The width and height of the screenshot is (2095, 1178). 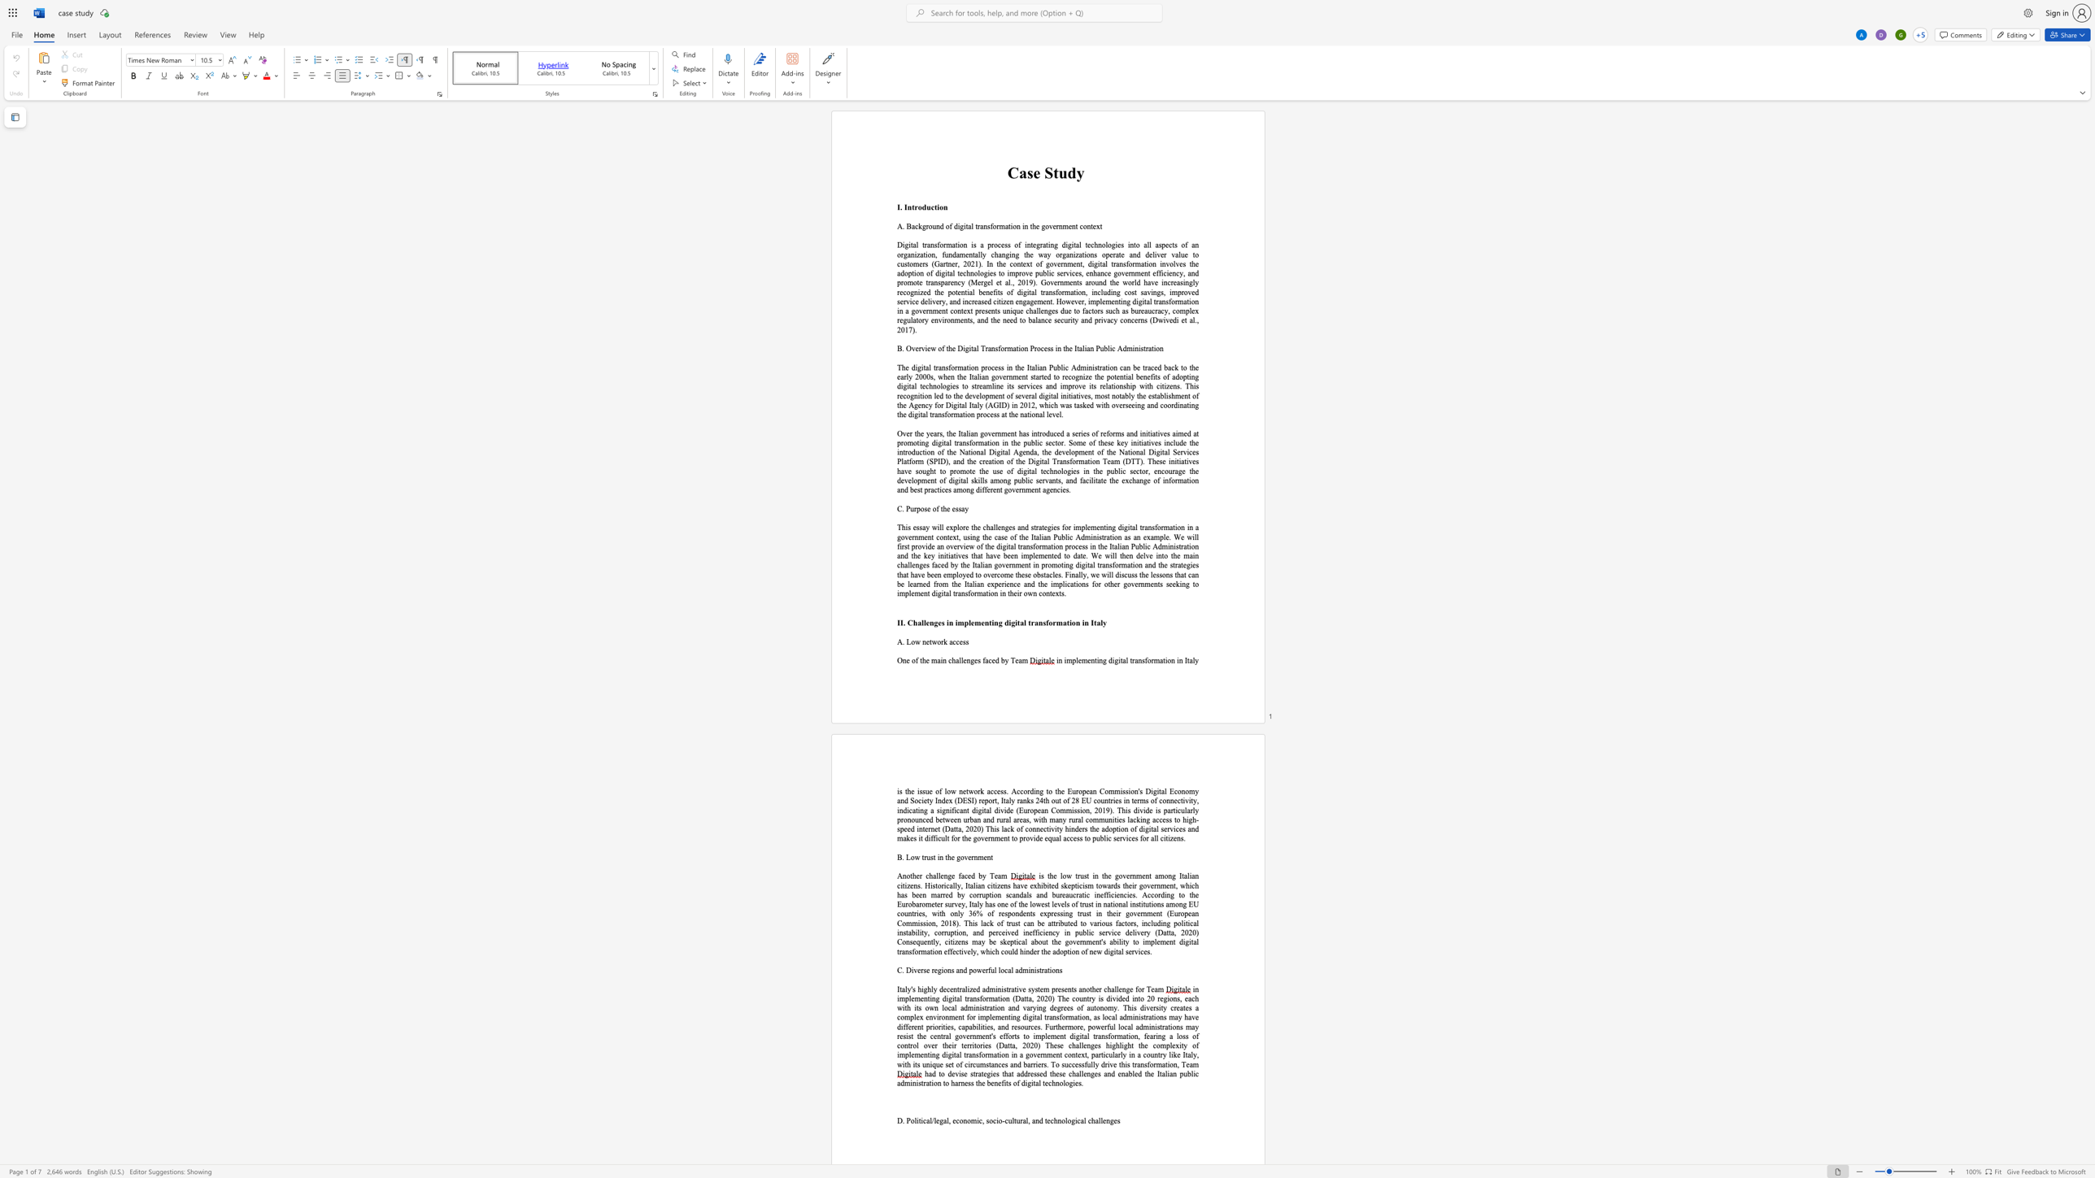 What do you see at coordinates (940, 970) in the screenshot?
I see `the space between the continuous character "g" and "i" in the text` at bounding box center [940, 970].